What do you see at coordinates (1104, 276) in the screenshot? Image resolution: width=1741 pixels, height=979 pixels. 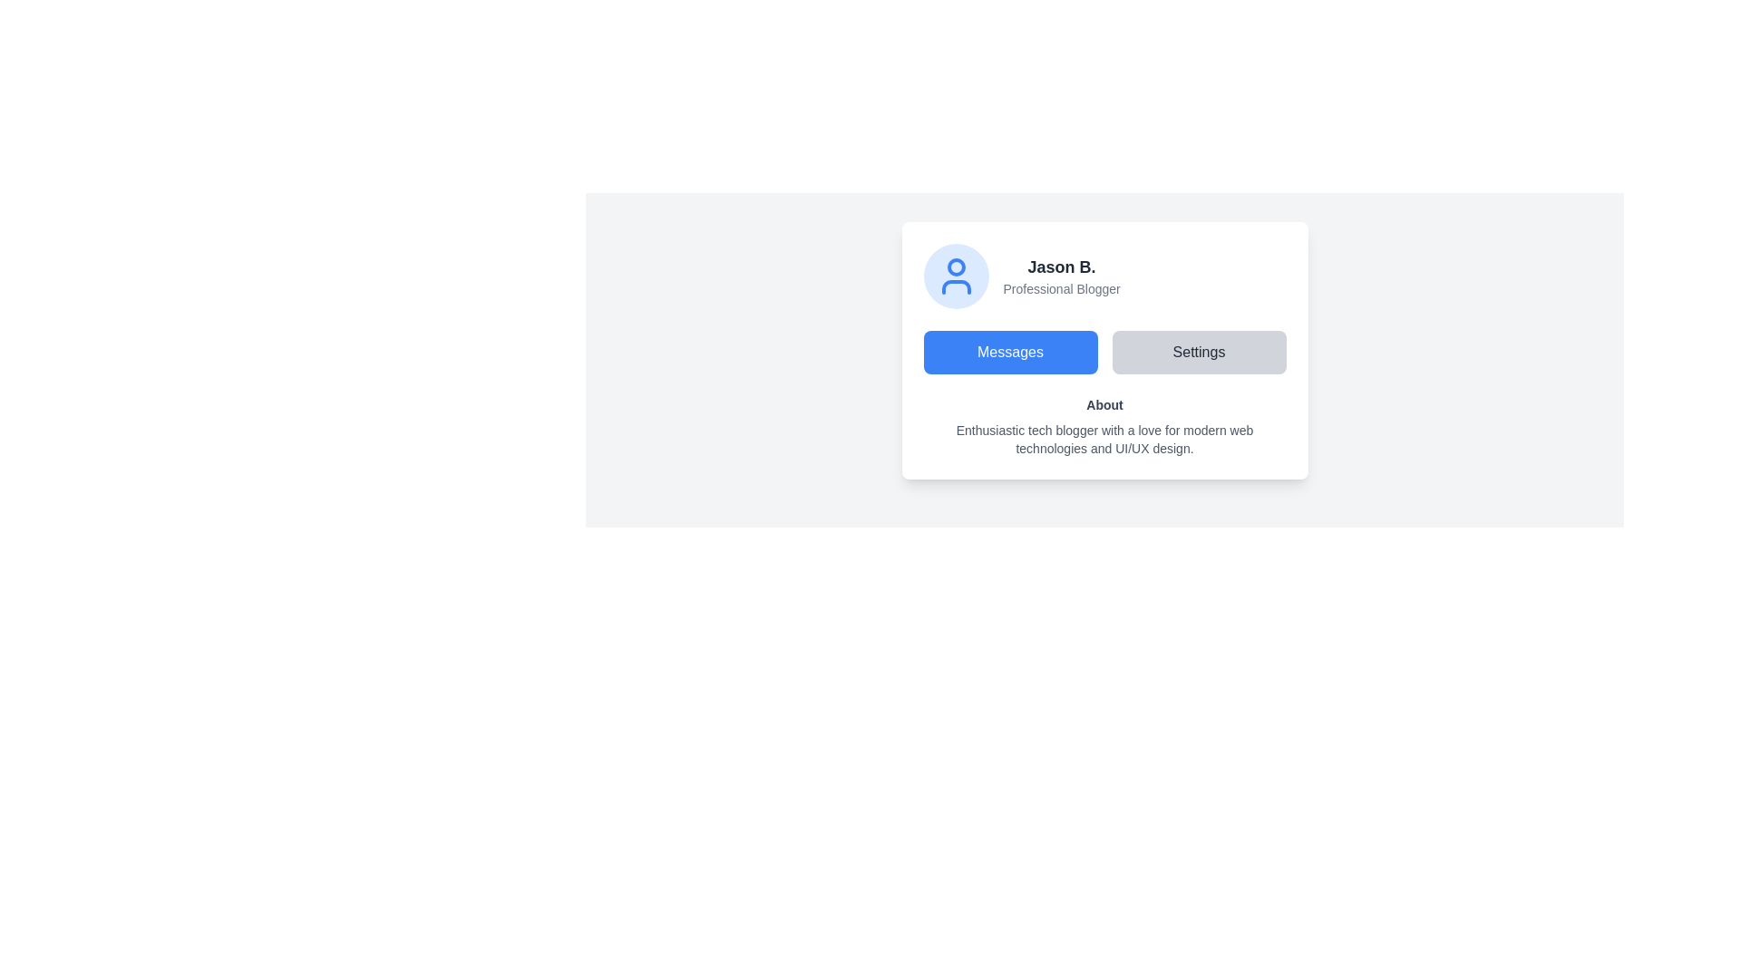 I see `the Profile Summary Component for user 'Jason B.', which displays the user's name in bold and role as 'Professional Blogger' beneath it` at bounding box center [1104, 276].